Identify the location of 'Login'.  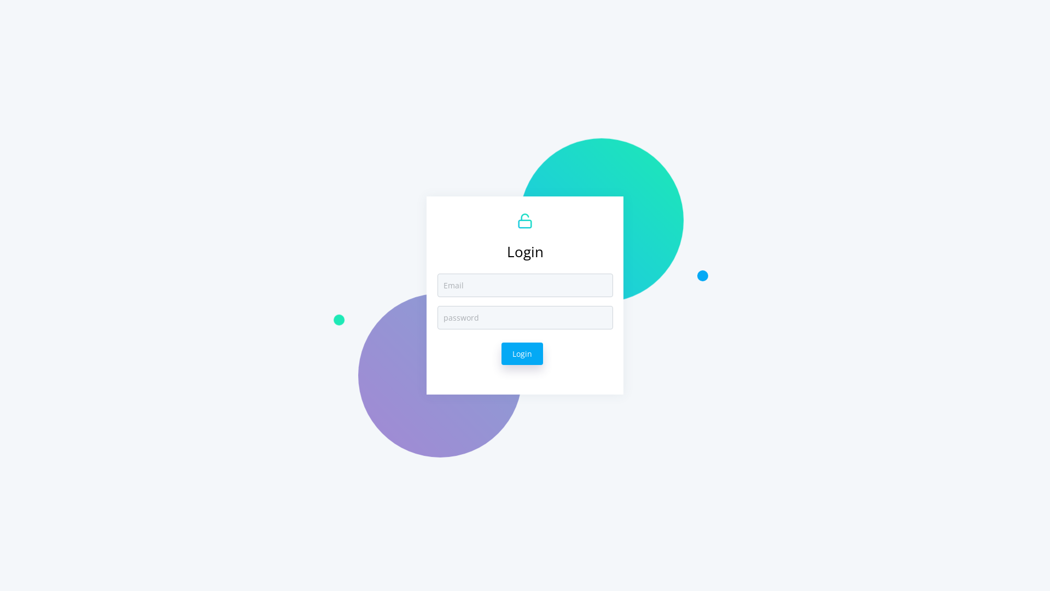
(522, 354).